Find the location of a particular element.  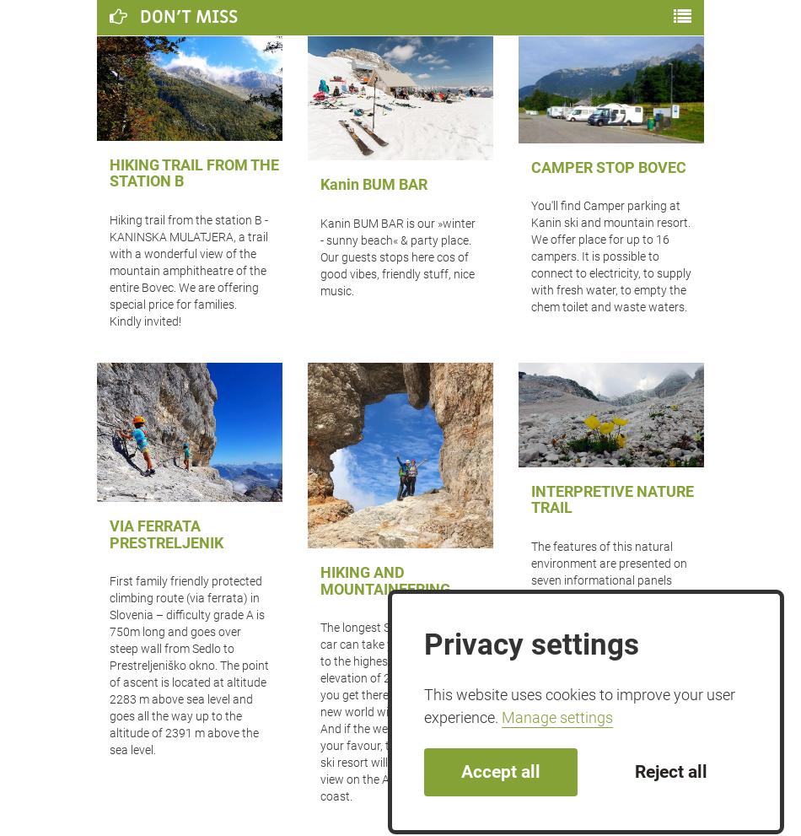

'First family friendly protected climbing route (via ferrata) in Slovenia – difficulty  grade A is 750m long and goes over steep wall from Sedlo to Prestreljeniško okno. The point of ascent is located at altitude 2283 m above sea level and goes all the way up to the altitude of 2391 m above the sea level.' is located at coordinates (109, 665).